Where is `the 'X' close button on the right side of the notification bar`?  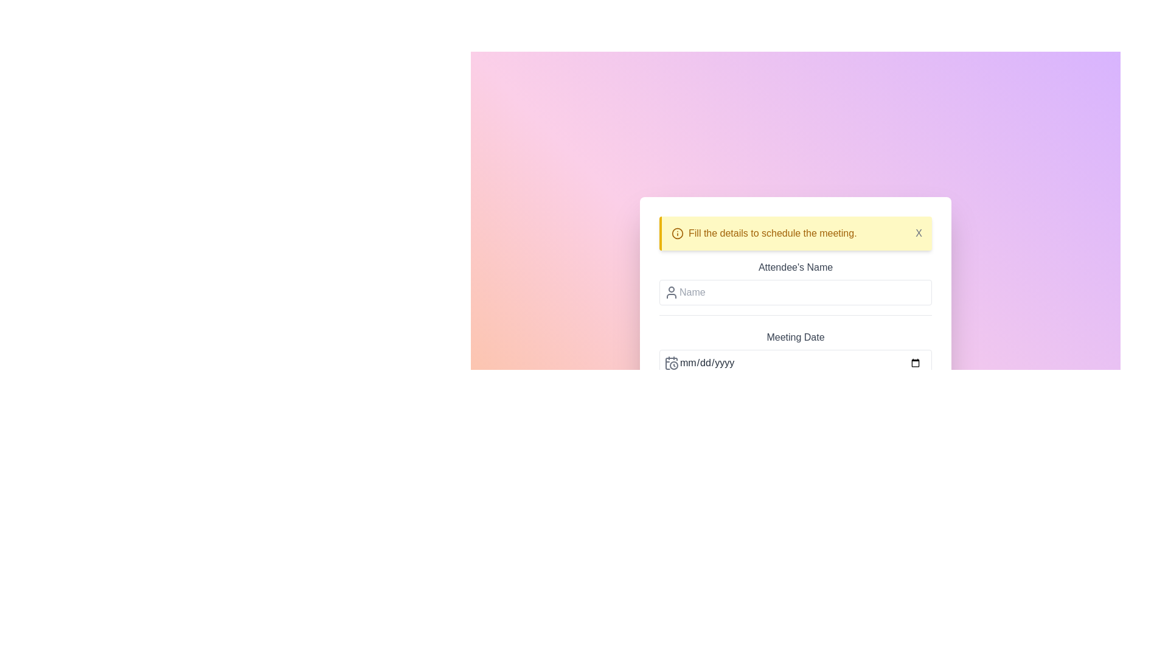
the 'X' close button on the right side of the notification bar is located at coordinates (919, 234).